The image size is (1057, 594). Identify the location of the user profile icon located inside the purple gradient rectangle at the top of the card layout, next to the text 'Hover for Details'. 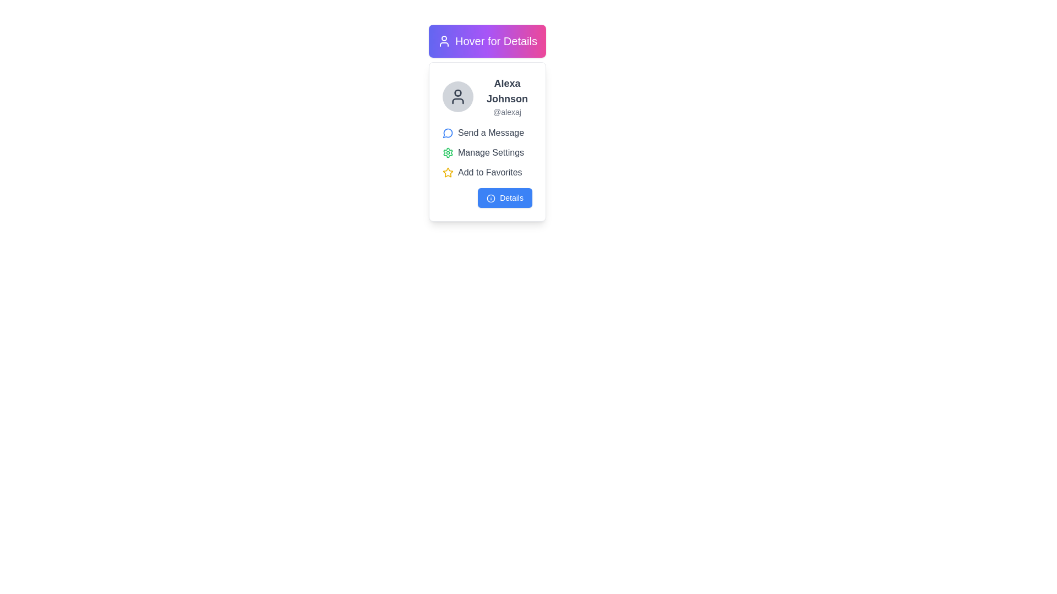
(444, 40).